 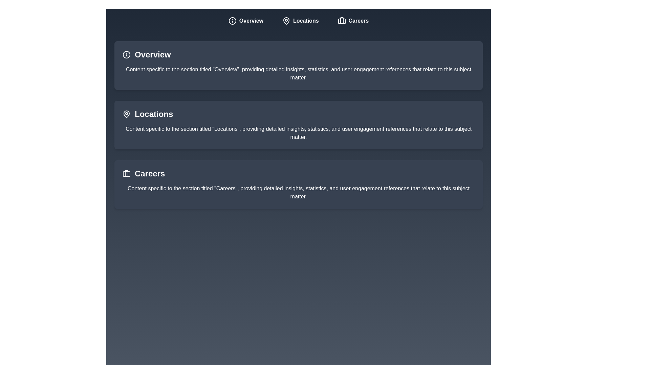 I want to click on the 'Careers' tab in the navigation bar, which has a dark background, white bold text, and a briefcase icon, so click(x=353, y=20).